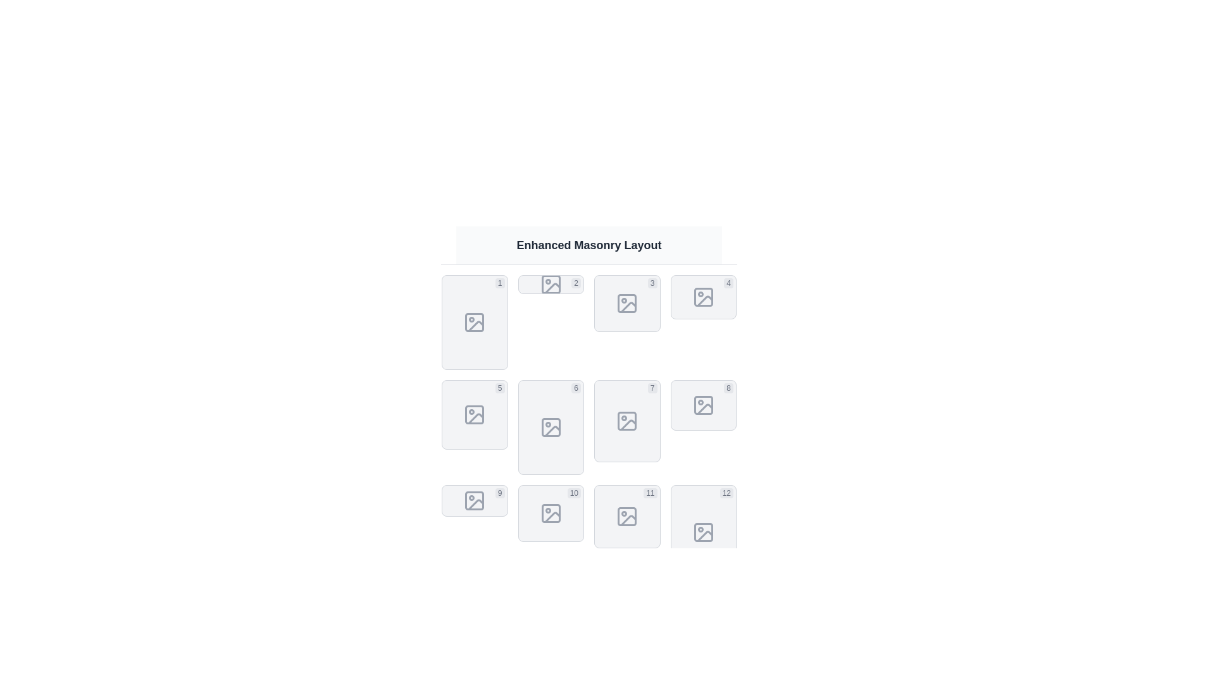 This screenshot has height=683, width=1215. I want to click on the Graphical SVG icon that indicates image-related functionality in the interface design, so click(552, 431).